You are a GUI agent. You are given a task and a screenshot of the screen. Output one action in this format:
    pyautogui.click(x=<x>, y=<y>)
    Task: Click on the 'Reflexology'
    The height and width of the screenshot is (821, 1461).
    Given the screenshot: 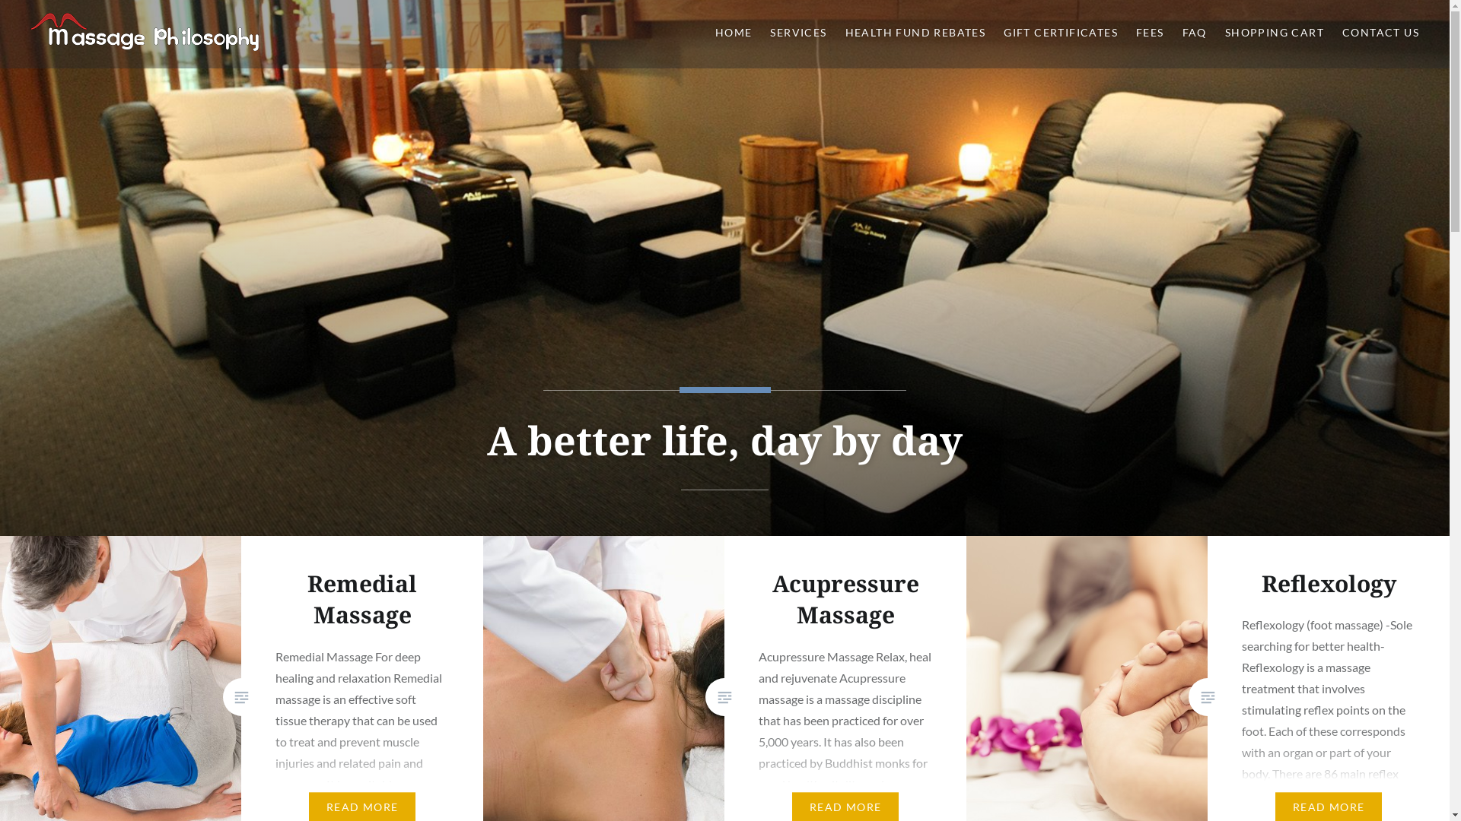 What is the action you would take?
    pyautogui.click(x=1328, y=582)
    